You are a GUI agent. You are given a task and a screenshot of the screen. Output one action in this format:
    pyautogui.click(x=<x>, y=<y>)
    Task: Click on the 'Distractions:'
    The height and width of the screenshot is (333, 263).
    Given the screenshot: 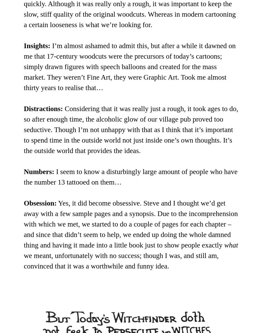 What is the action you would take?
    pyautogui.click(x=43, y=109)
    